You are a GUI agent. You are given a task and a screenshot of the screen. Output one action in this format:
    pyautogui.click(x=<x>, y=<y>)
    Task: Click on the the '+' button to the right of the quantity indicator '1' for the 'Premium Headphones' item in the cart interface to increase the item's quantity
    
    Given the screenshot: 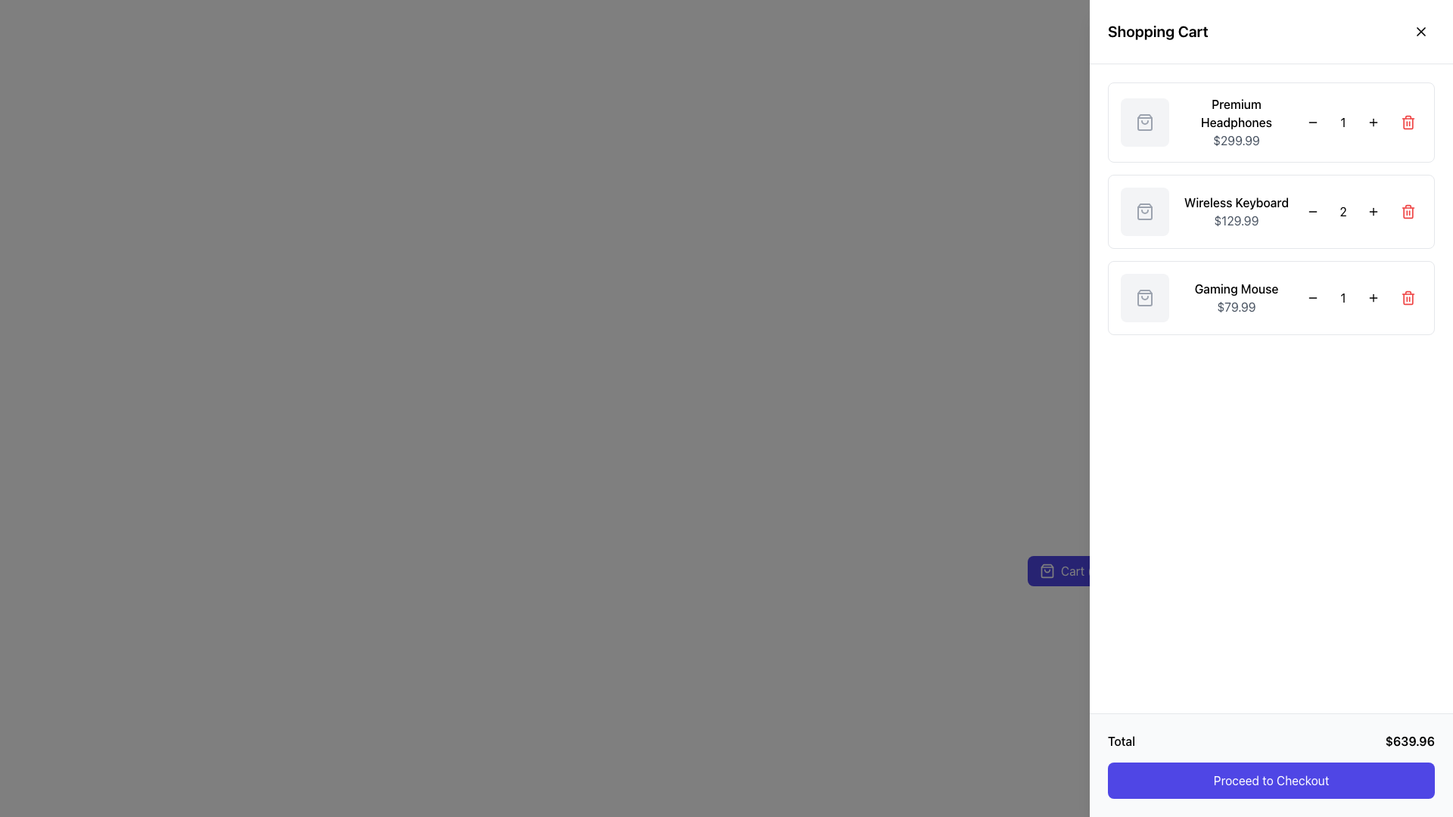 What is the action you would take?
    pyautogui.click(x=1373, y=122)
    